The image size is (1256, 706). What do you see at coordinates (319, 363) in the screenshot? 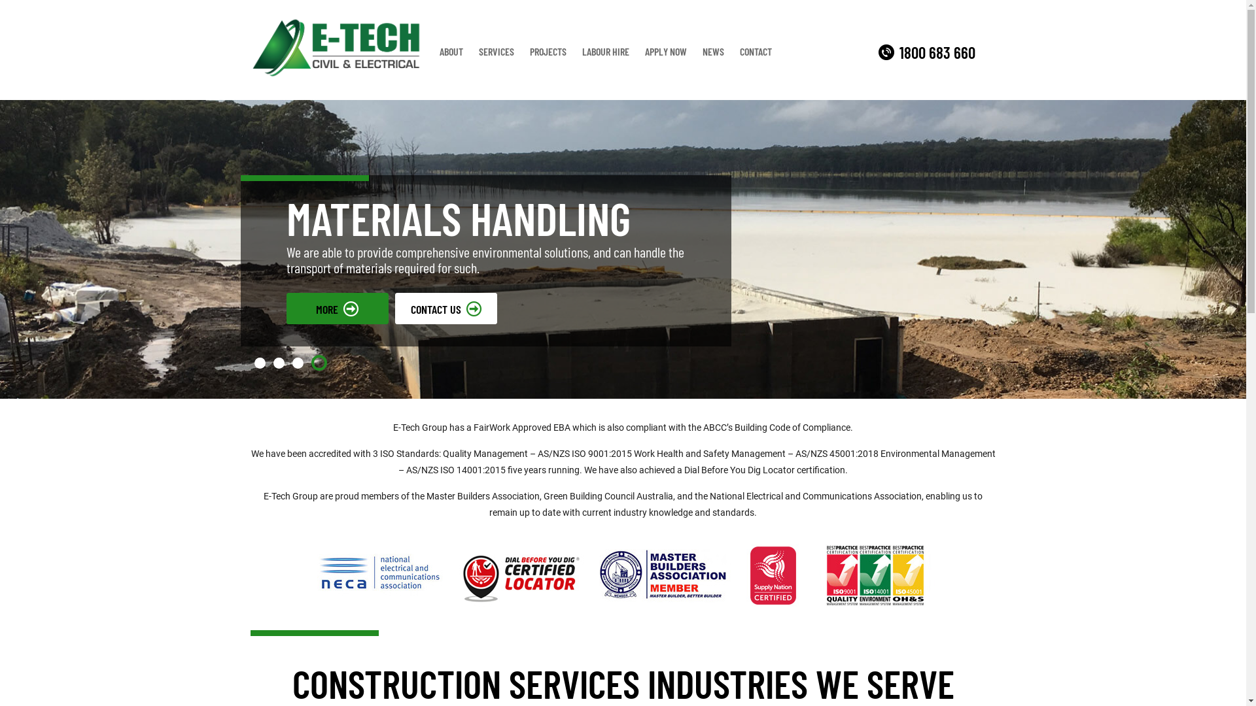
I see `'4'` at bounding box center [319, 363].